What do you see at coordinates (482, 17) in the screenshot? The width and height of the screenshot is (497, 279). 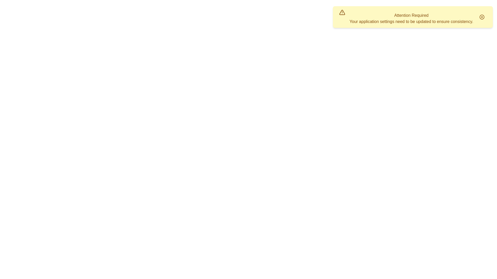 I see `the close icon located at the top-right corner of the notification card` at bounding box center [482, 17].